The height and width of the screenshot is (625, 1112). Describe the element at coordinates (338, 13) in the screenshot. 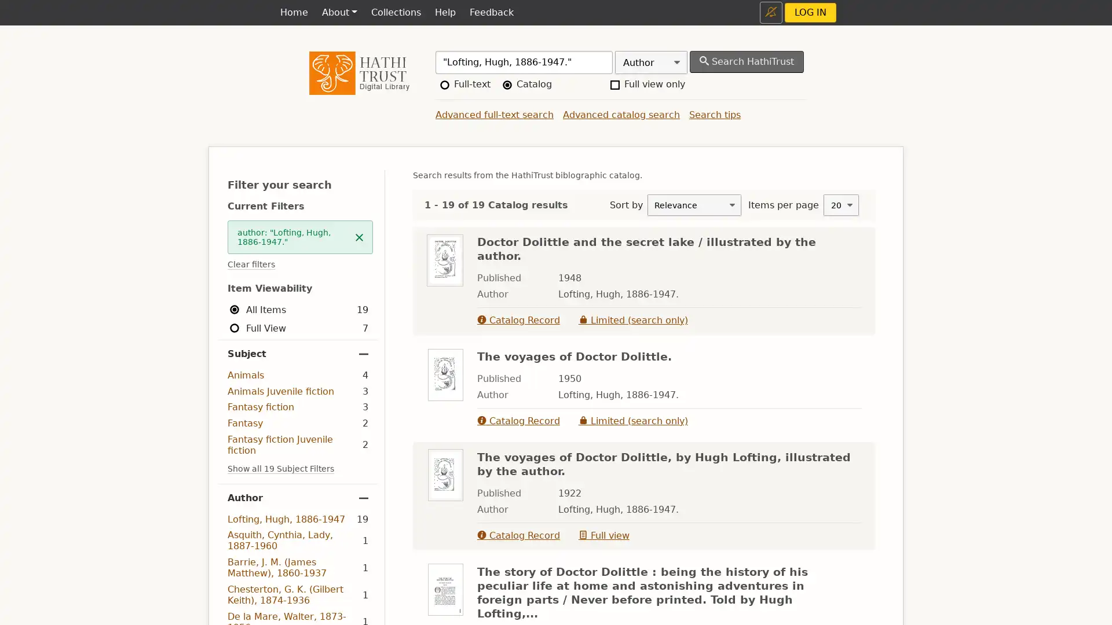

I see `About` at that location.